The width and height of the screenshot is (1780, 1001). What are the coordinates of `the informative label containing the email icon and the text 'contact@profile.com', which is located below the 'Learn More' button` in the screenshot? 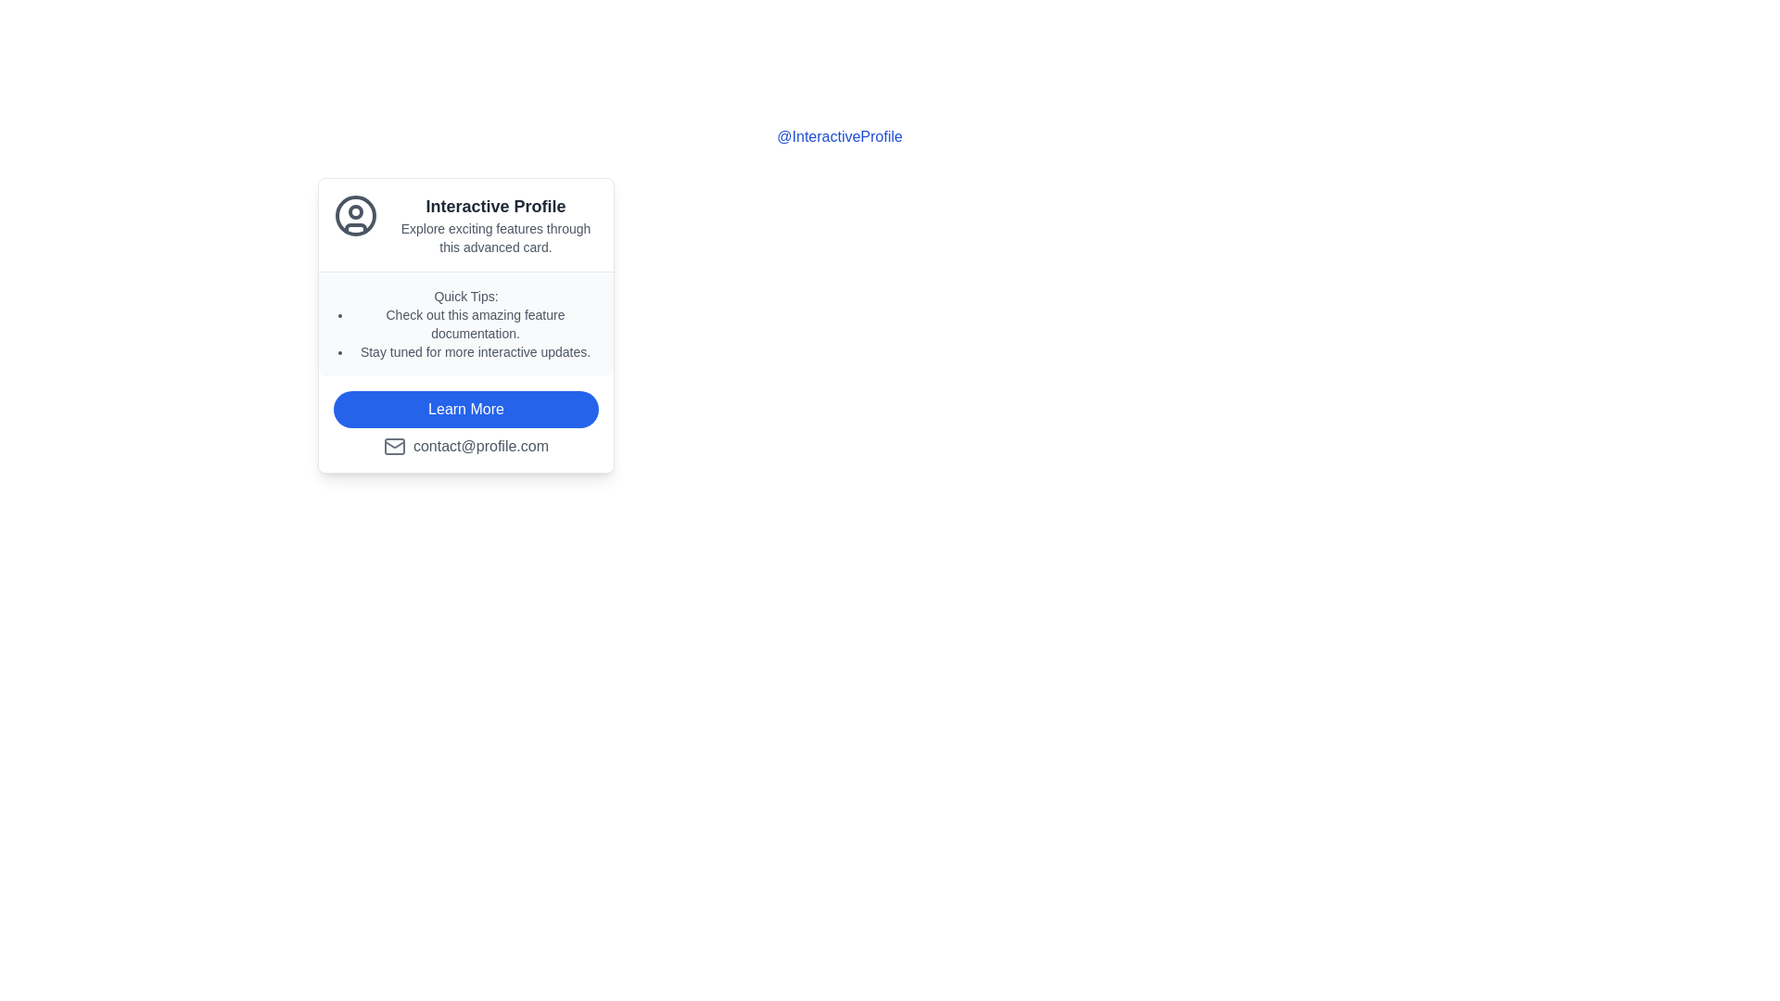 It's located at (466, 447).